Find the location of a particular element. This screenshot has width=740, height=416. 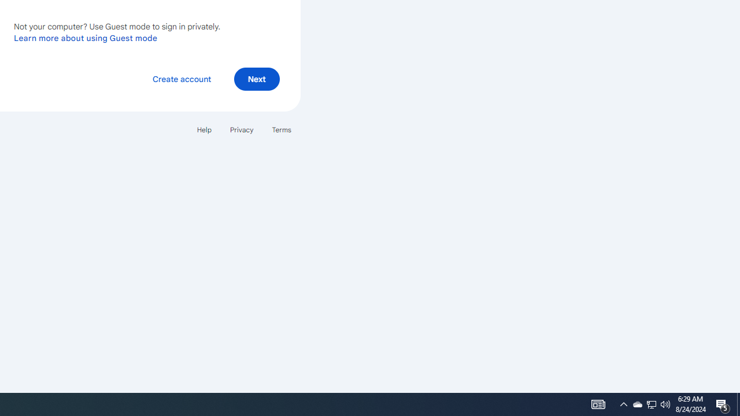

'Learn more about using Guest mode' is located at coordinates (85, 37).